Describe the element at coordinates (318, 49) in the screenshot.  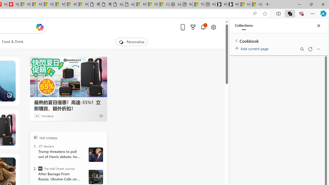
I see `'More options menu'` at that location.